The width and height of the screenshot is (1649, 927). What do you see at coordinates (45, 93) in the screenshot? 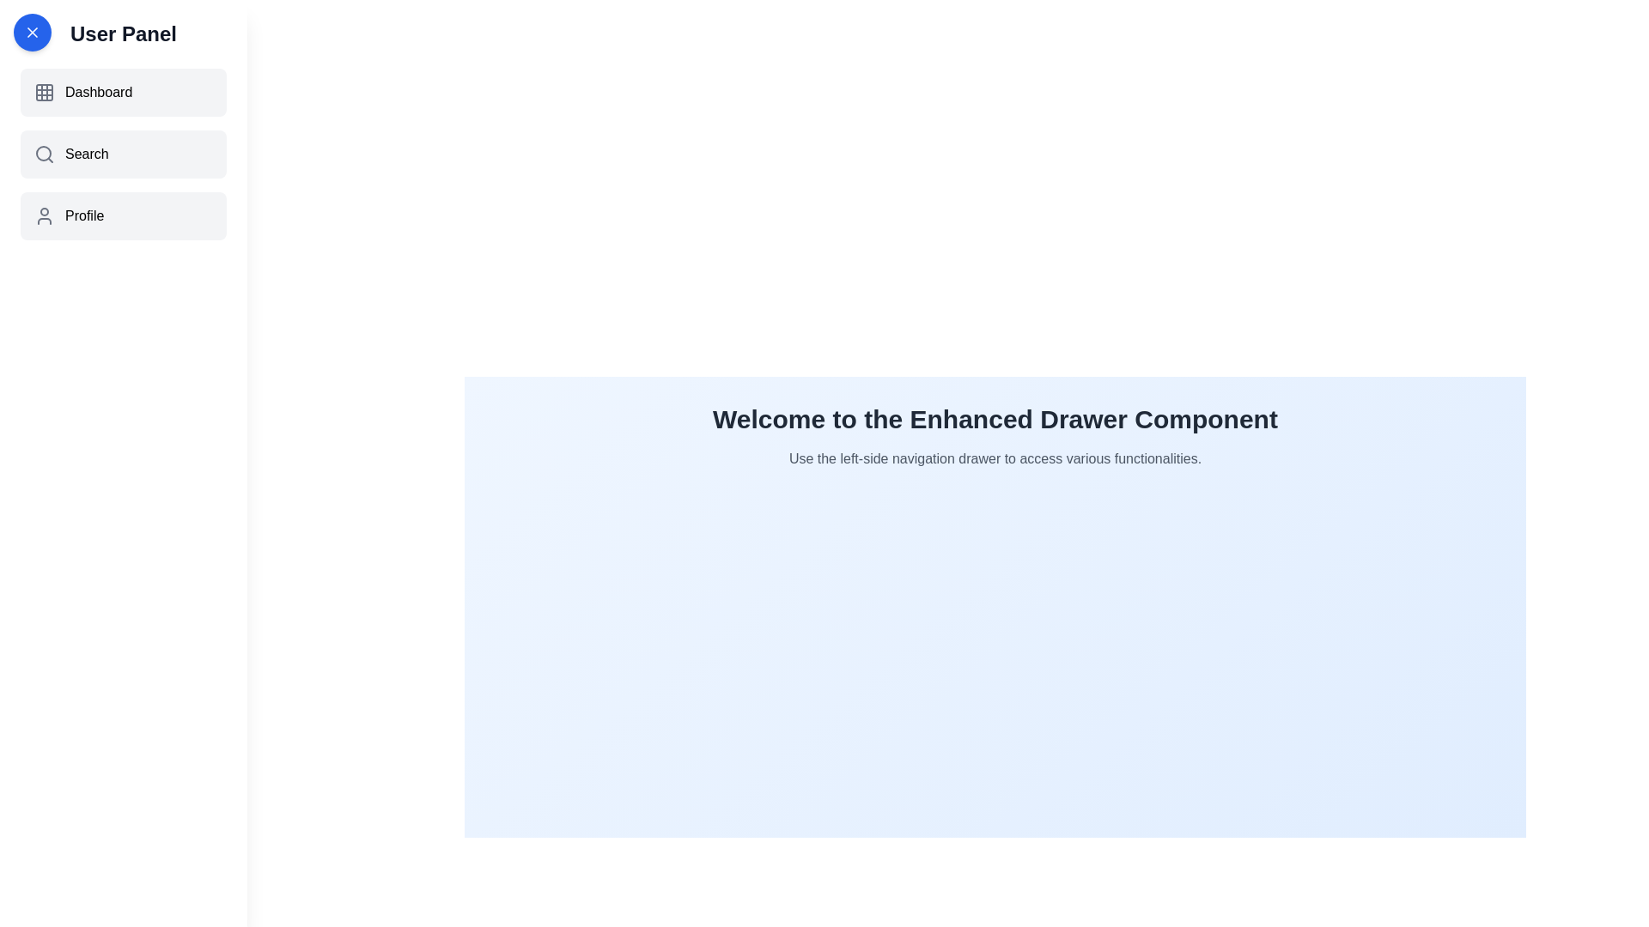
I see `the 3x3 grid icon located at the top of the 'Dashboard' button in the left navigation pane` at bounding box center [45, 93].